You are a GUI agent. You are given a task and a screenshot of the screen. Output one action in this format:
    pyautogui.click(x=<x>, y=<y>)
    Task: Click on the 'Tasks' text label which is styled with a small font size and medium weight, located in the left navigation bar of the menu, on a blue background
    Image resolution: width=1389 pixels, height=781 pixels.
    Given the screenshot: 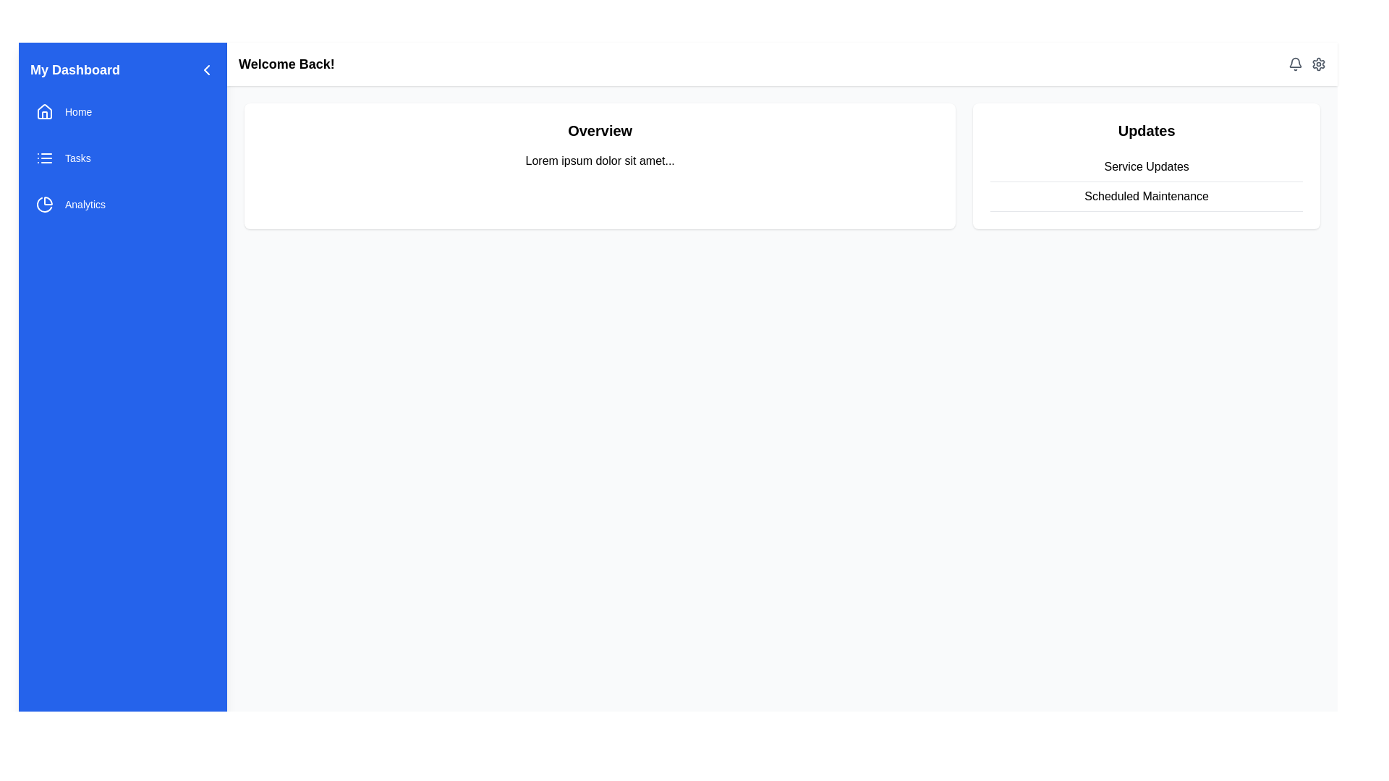 What is the action you would take?
    pyautogui.click(x=77, y=158)
    